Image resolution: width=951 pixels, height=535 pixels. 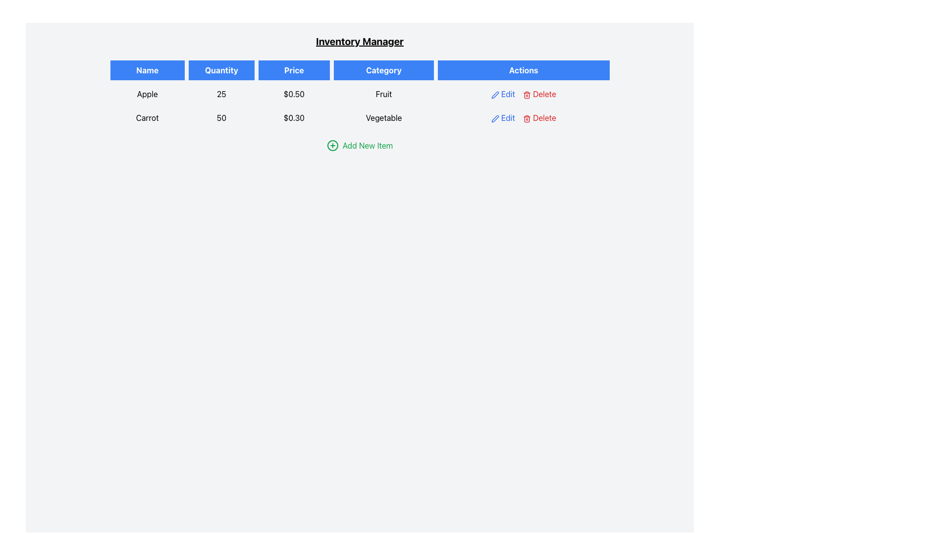 What do you see at coordinates (332, 145) in the screenshot?
I see `the 'Add New Item' icon located to the left of the 'Add New Item' text to initiate the addition process` at bounding box center [332, 145].